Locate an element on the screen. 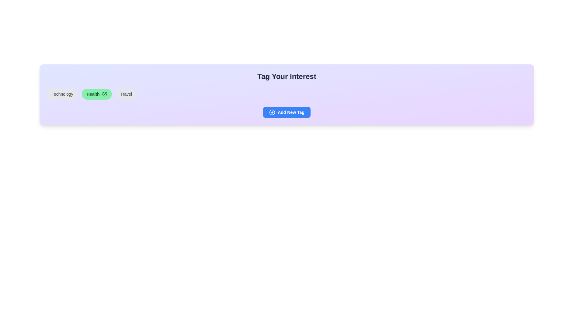  the 'Travel' label button, which is a rectangular label with rounded corners featuring the text 'Travel' in a black font against a light gray background is located at coordinates (126, 94).